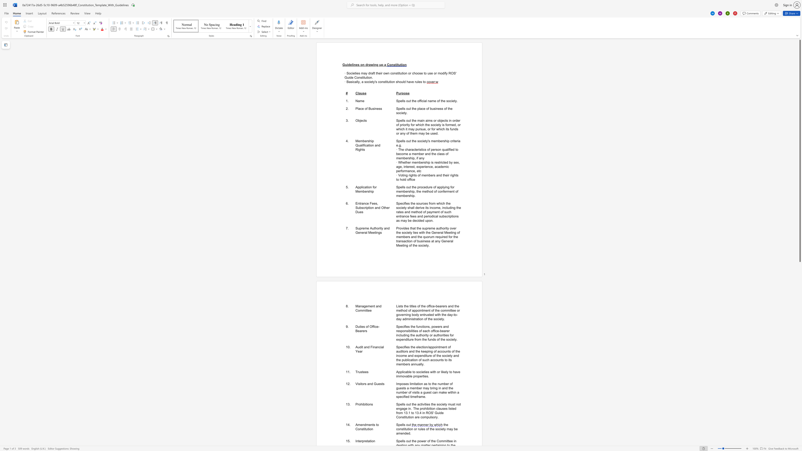  I want to click on the subset text "on or choo" within the text "· Societies may draft their own constitution or choose to use or", so click(403, 73).